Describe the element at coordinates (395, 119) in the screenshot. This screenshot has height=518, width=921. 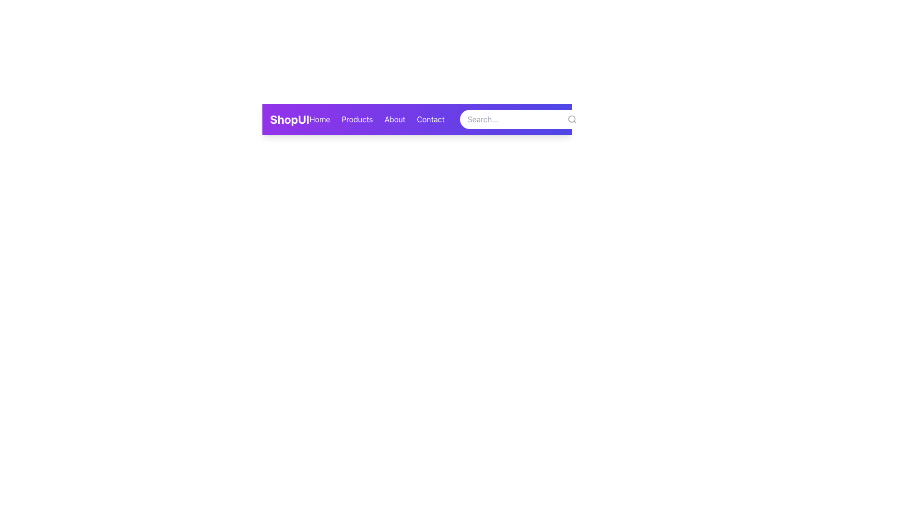
I see `the 'About' hyperlink text, which is the third element in the navigation menu` at that location.